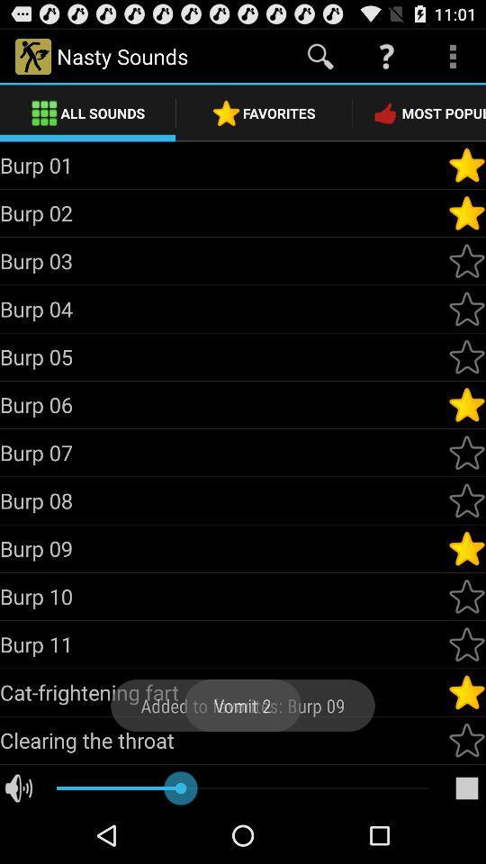 This screenshot has width=486, height=864. I want to click on the burp 06 app, so click(223, 404).